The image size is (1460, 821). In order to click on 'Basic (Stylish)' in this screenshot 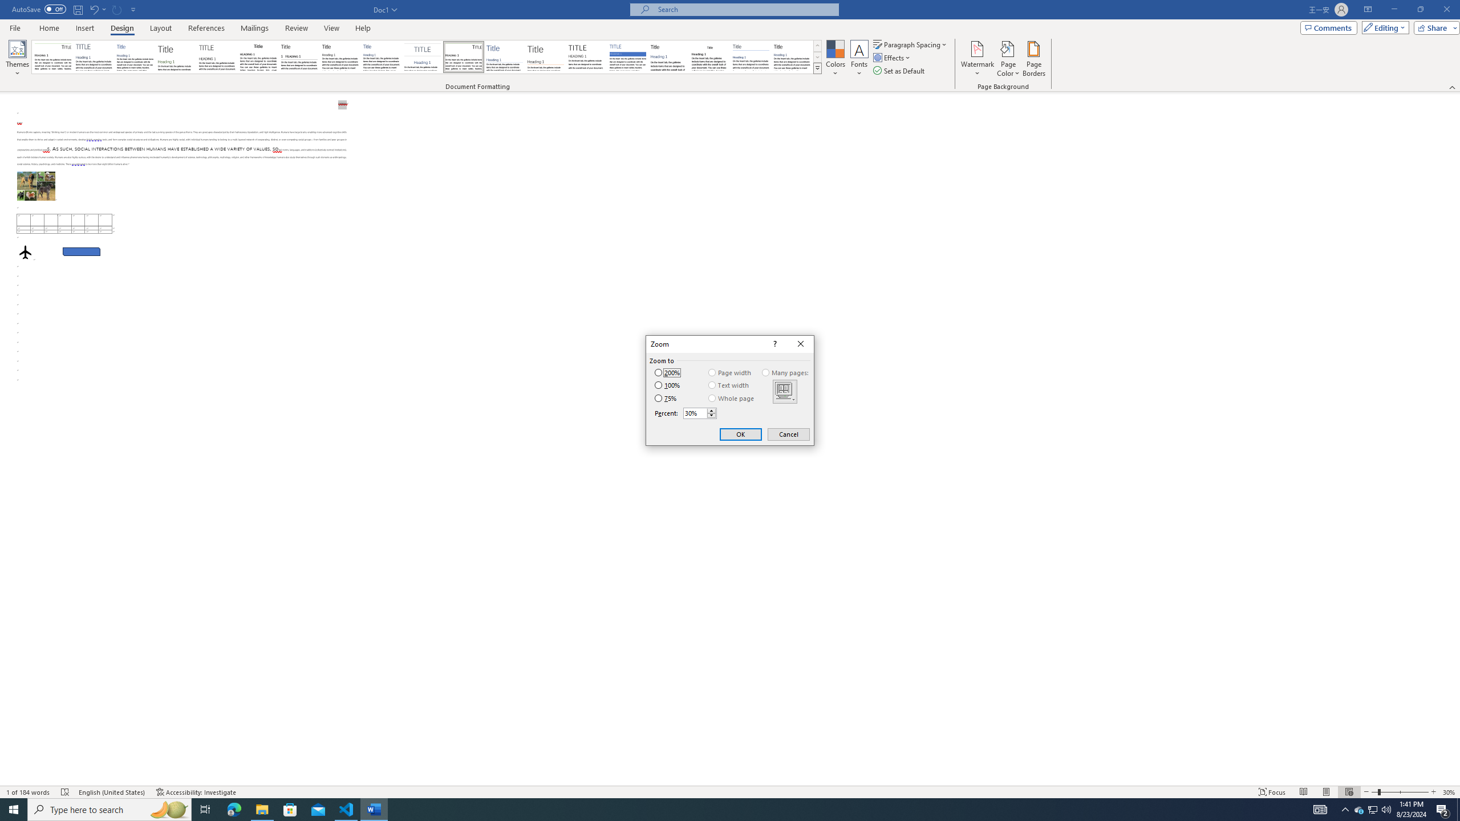, I will do `click(176, 56)`.